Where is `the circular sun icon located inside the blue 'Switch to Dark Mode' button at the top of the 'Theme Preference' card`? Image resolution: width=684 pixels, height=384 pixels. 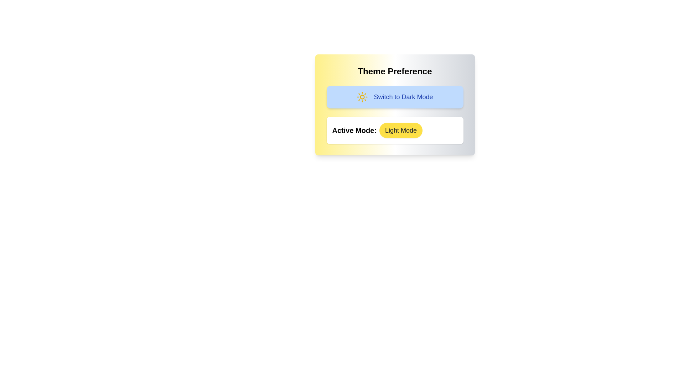 the circular sun icon located inside the blue 'Switch to Dark Mode' button at the top of the 'Theme Preference' card is located at coordinates (362, 97).